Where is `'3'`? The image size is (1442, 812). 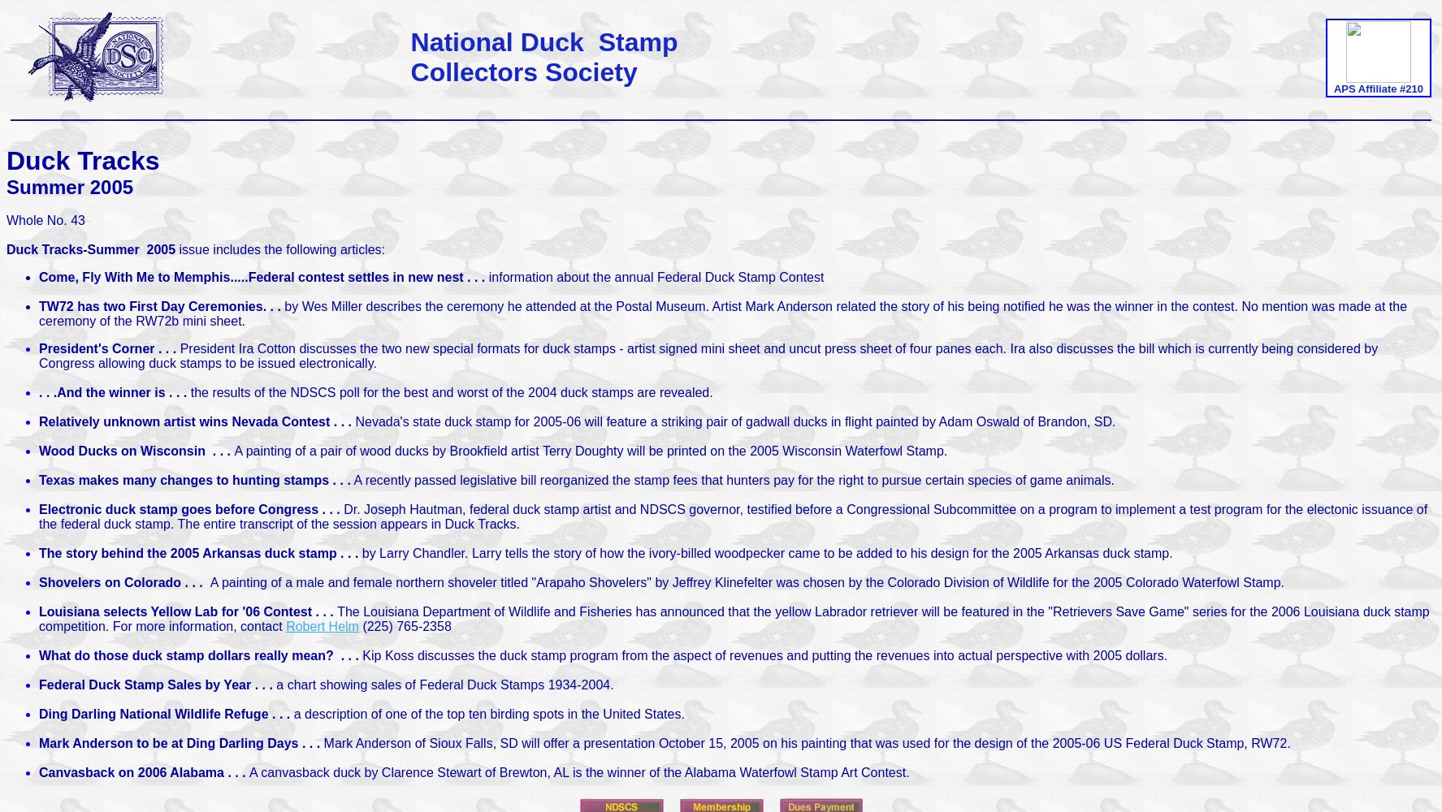 '3' is located at coordinates (80, 220).